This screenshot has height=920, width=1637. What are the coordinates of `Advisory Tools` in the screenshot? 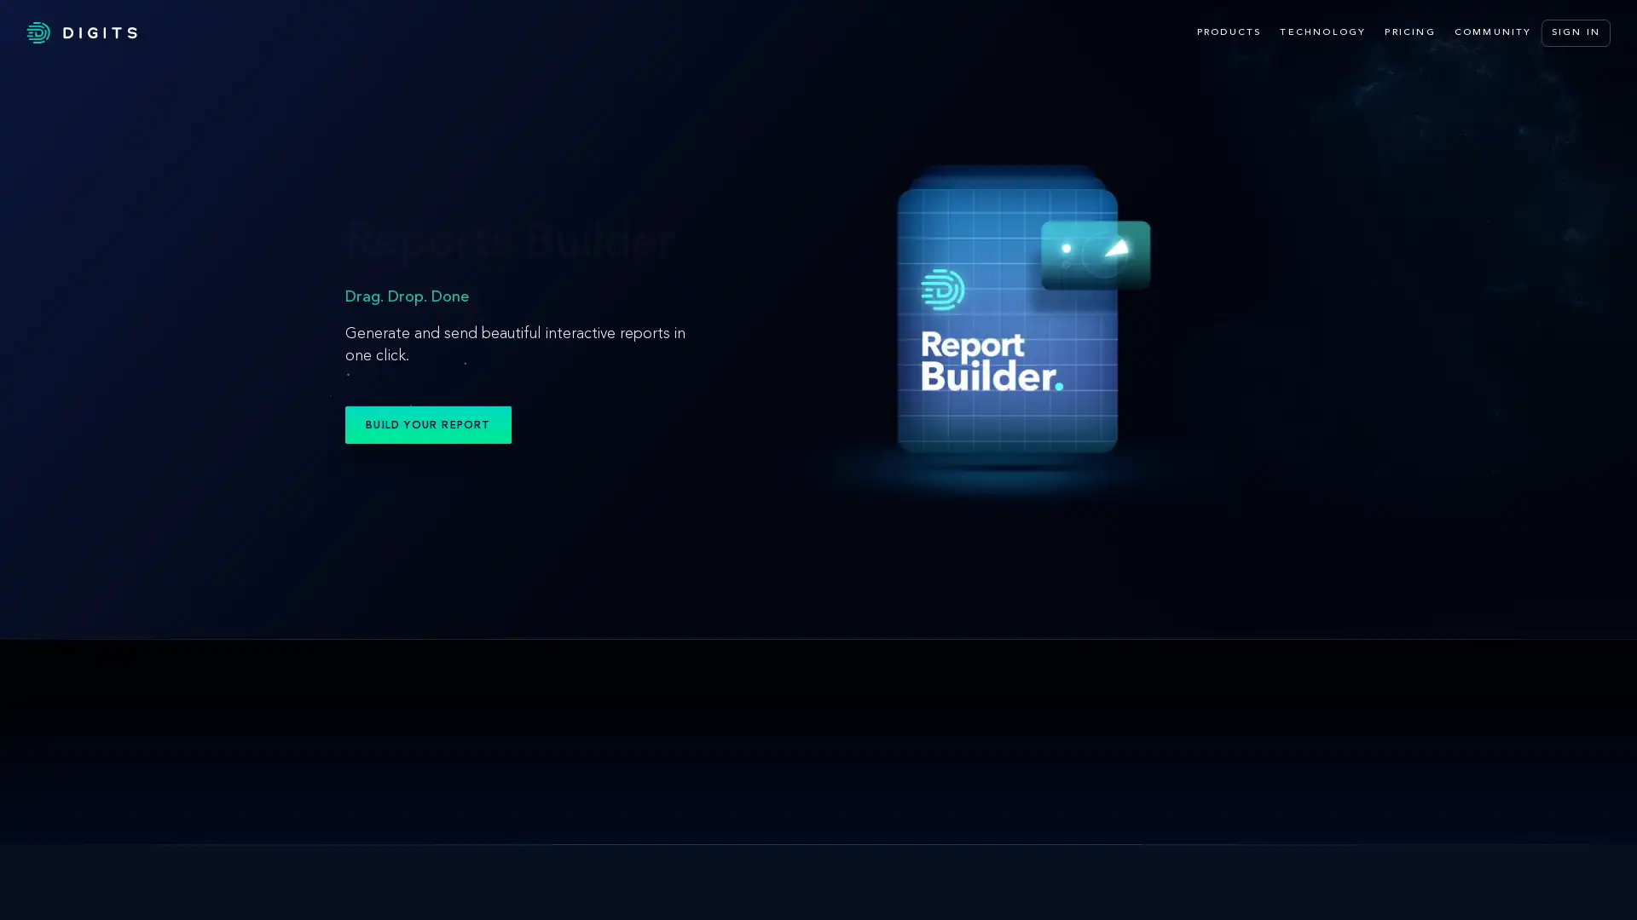 It's located at (1228, 531).